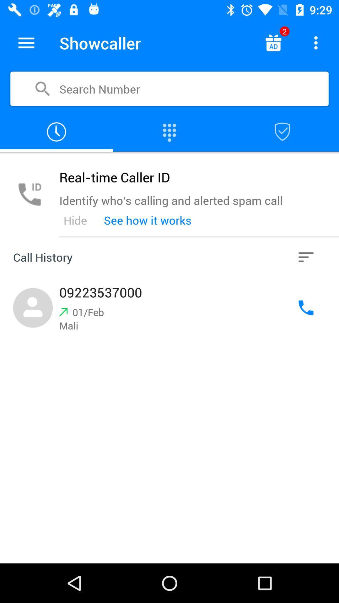  Describe the element at coordinates (306, 257) in the screenshot. I see `other options` at that location.